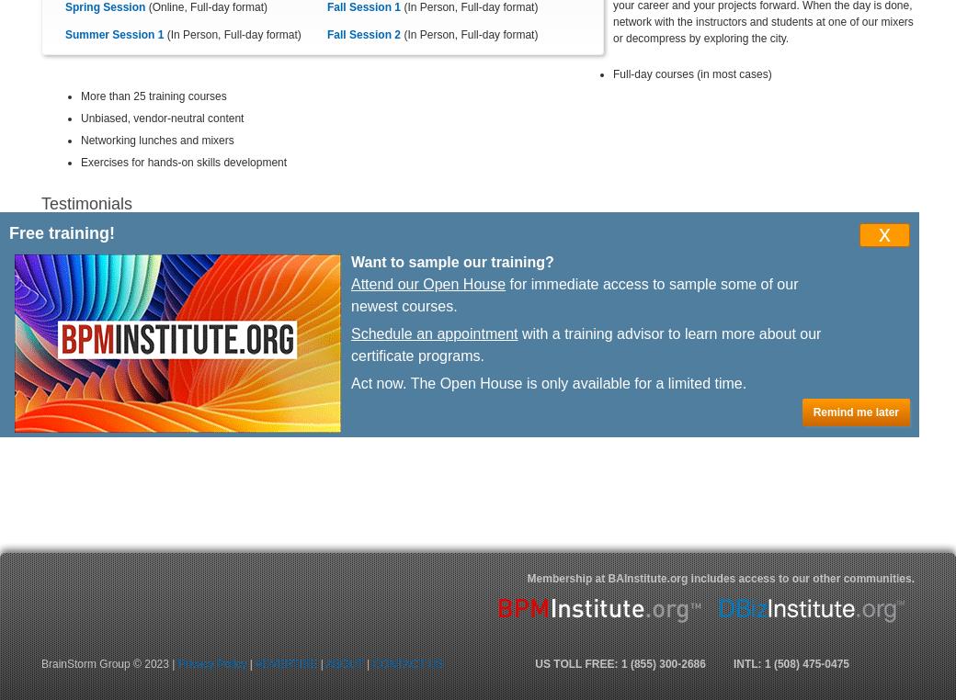 This screenshot has height=700, width=956. What do you see at coordinates (61, 232) in the screenshot?
I see `'Free training!'` at bounding box center [61, 232].